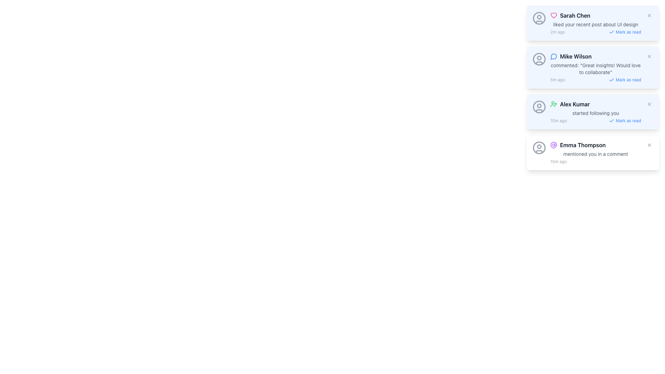  What do you see at coordinates (595, 80) in the screenshot?
I see `the 'Mark as read' button located in the notification section for 'Mike Wilson' to acknowledge the comment made by him` at bounding box center [595, 80].